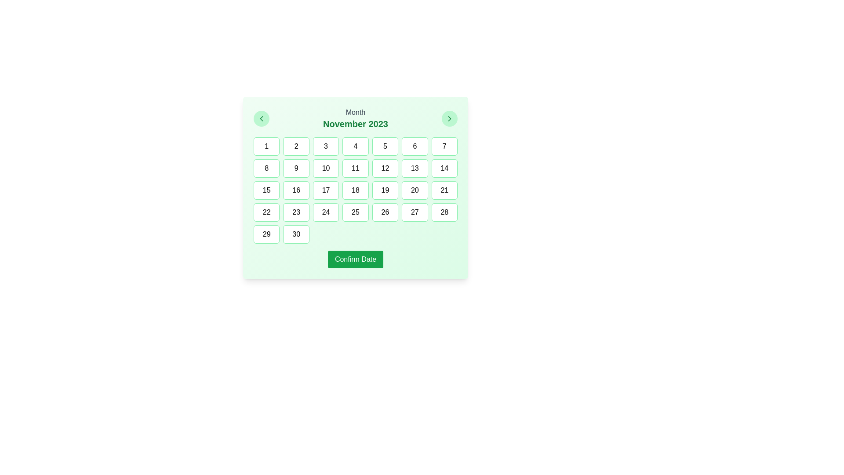 Image resolution: width=844 pixels, height=475 pixels. What do you see at coordinates (449, 119) in the screenshot?
I see `the chevron icon inside the circular light-green button` at bounding box center [449, 119].